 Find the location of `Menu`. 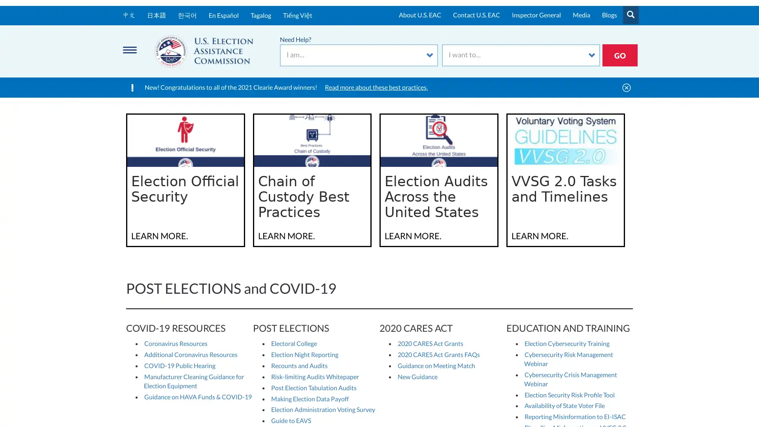

Menu is located at coordinates (130, 50).